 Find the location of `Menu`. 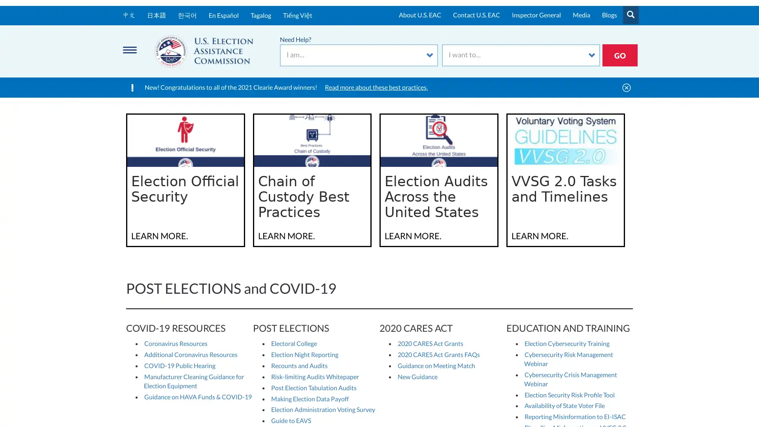

Menu is located at coordinates (130, 50).